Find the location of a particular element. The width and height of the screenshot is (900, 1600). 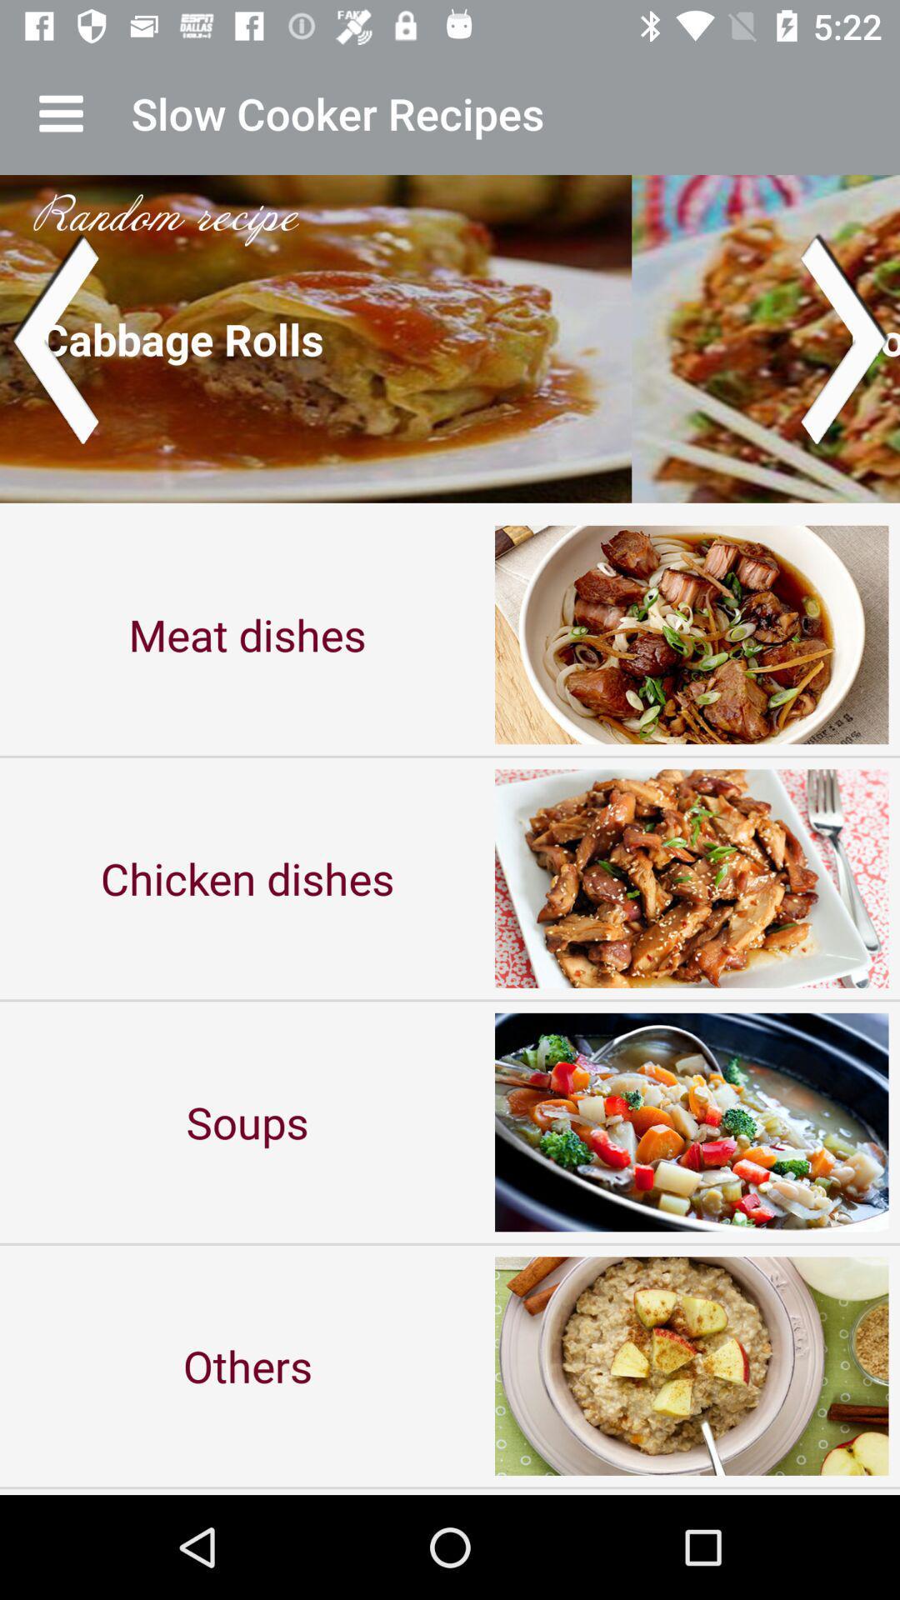

switch next page is located at coordinates (845, 337).